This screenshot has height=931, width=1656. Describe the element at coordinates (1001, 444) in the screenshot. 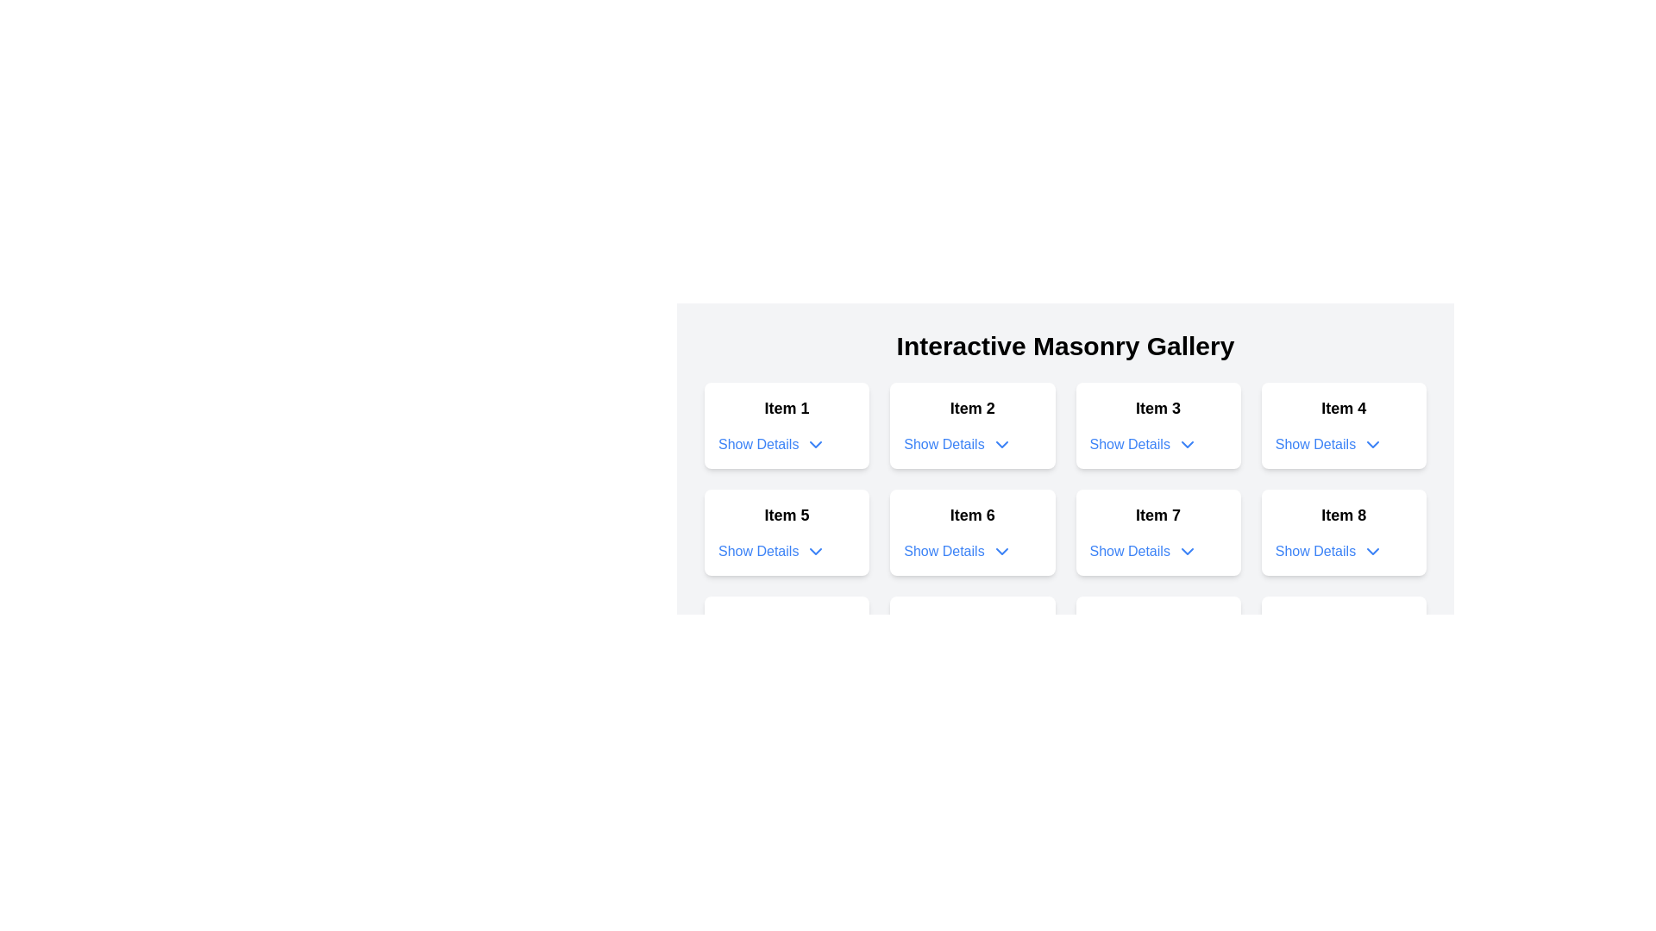

I see `the small chevron-down icon with a blue stroke color, located next to the 'Show Details' text link` at that location.